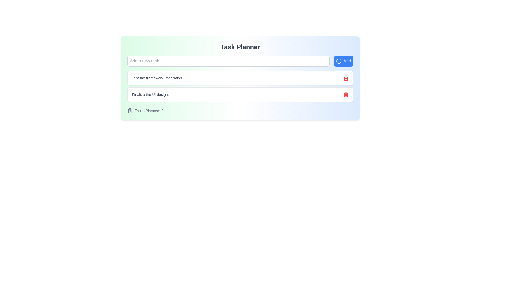 The height and width of the screenshot is (287, 511). What do you see at coordinates (240, 78) in the screenshot?
I see `the first task item` at bounding box center [240, 78].